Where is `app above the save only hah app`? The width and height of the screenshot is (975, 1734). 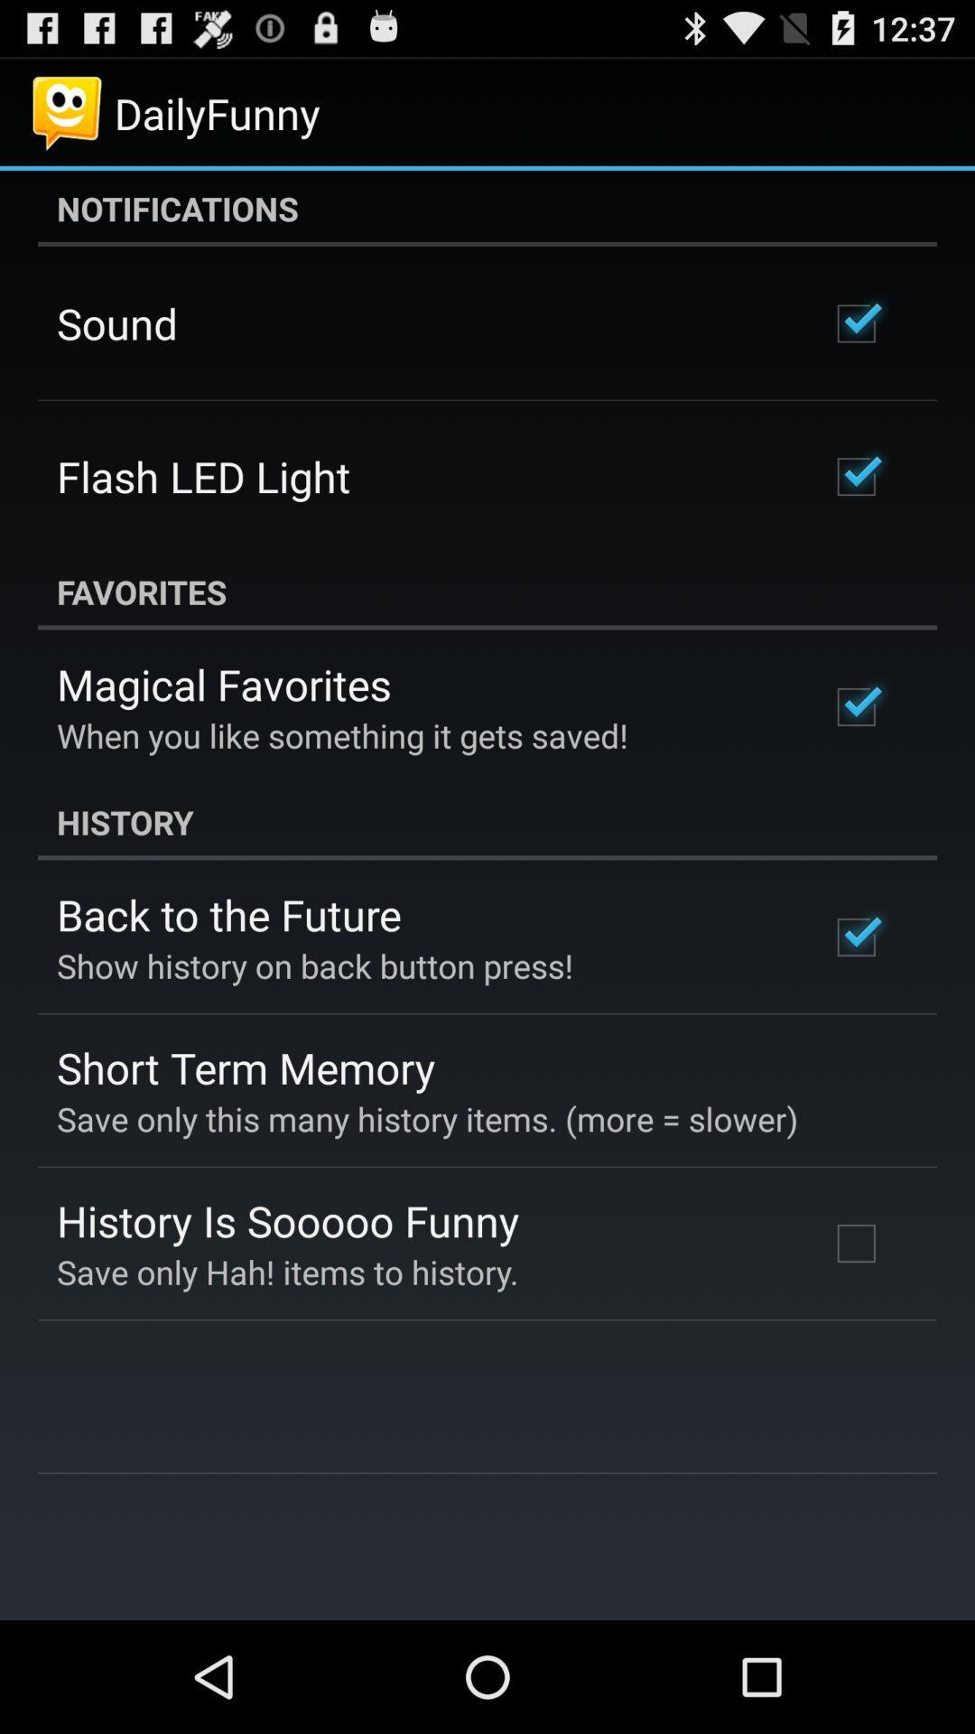 app above the save only hah app is located at coordinates (287, 1220).